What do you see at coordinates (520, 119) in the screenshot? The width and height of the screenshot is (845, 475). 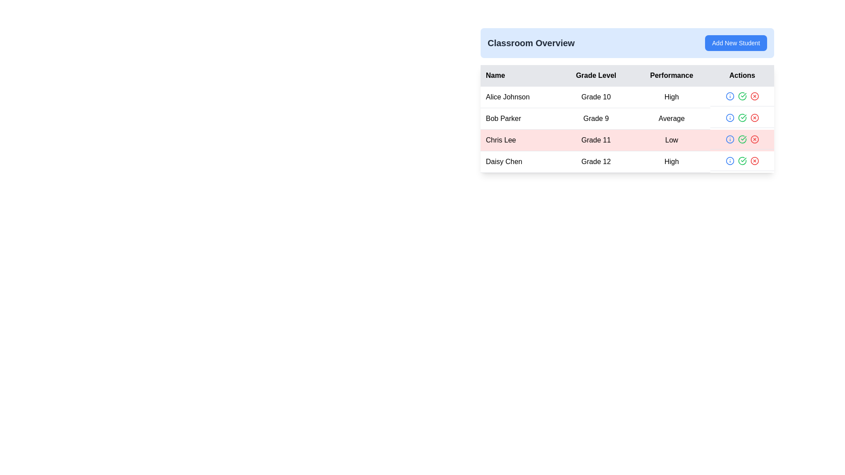 I see `the Text label displaying the person's name located in the second row of the table under the 'Name' column, positioned below 'Alice Johnson' and above 'Chris Lee'` at bounding box center [520, 119].